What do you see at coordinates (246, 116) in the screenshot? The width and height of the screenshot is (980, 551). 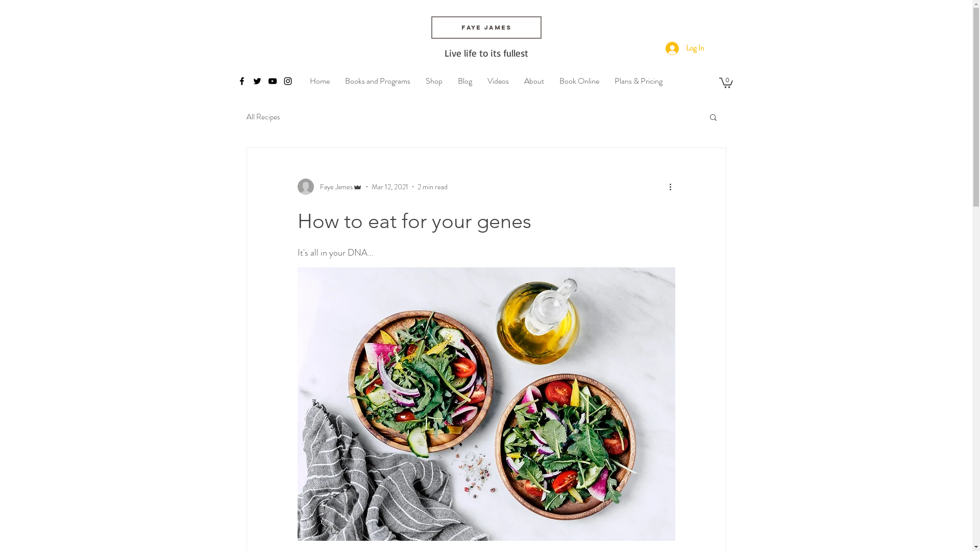 I see `'All Recipes'` at bounding box center [246, 116].